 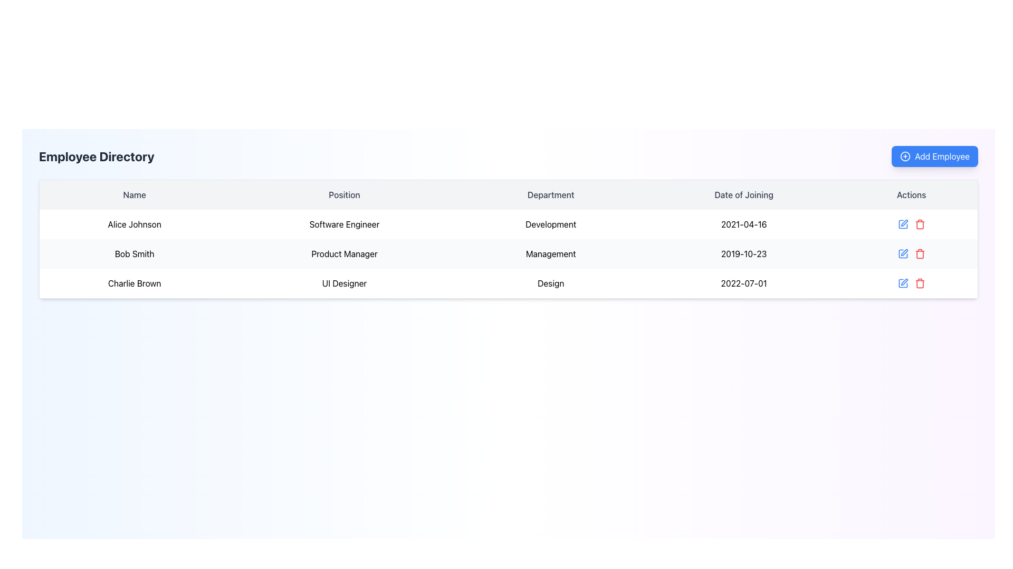 I want to click on the square icon with a pen overlay in the 'Actions' column of the first row for Alice Johnson to initiate editing, so click(x=902, y=223).